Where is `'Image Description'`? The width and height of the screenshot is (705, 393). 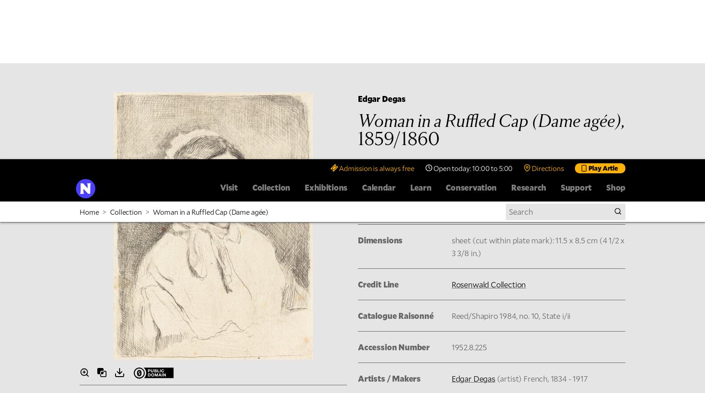
'Image Description' is located at coordinates (83, 138).